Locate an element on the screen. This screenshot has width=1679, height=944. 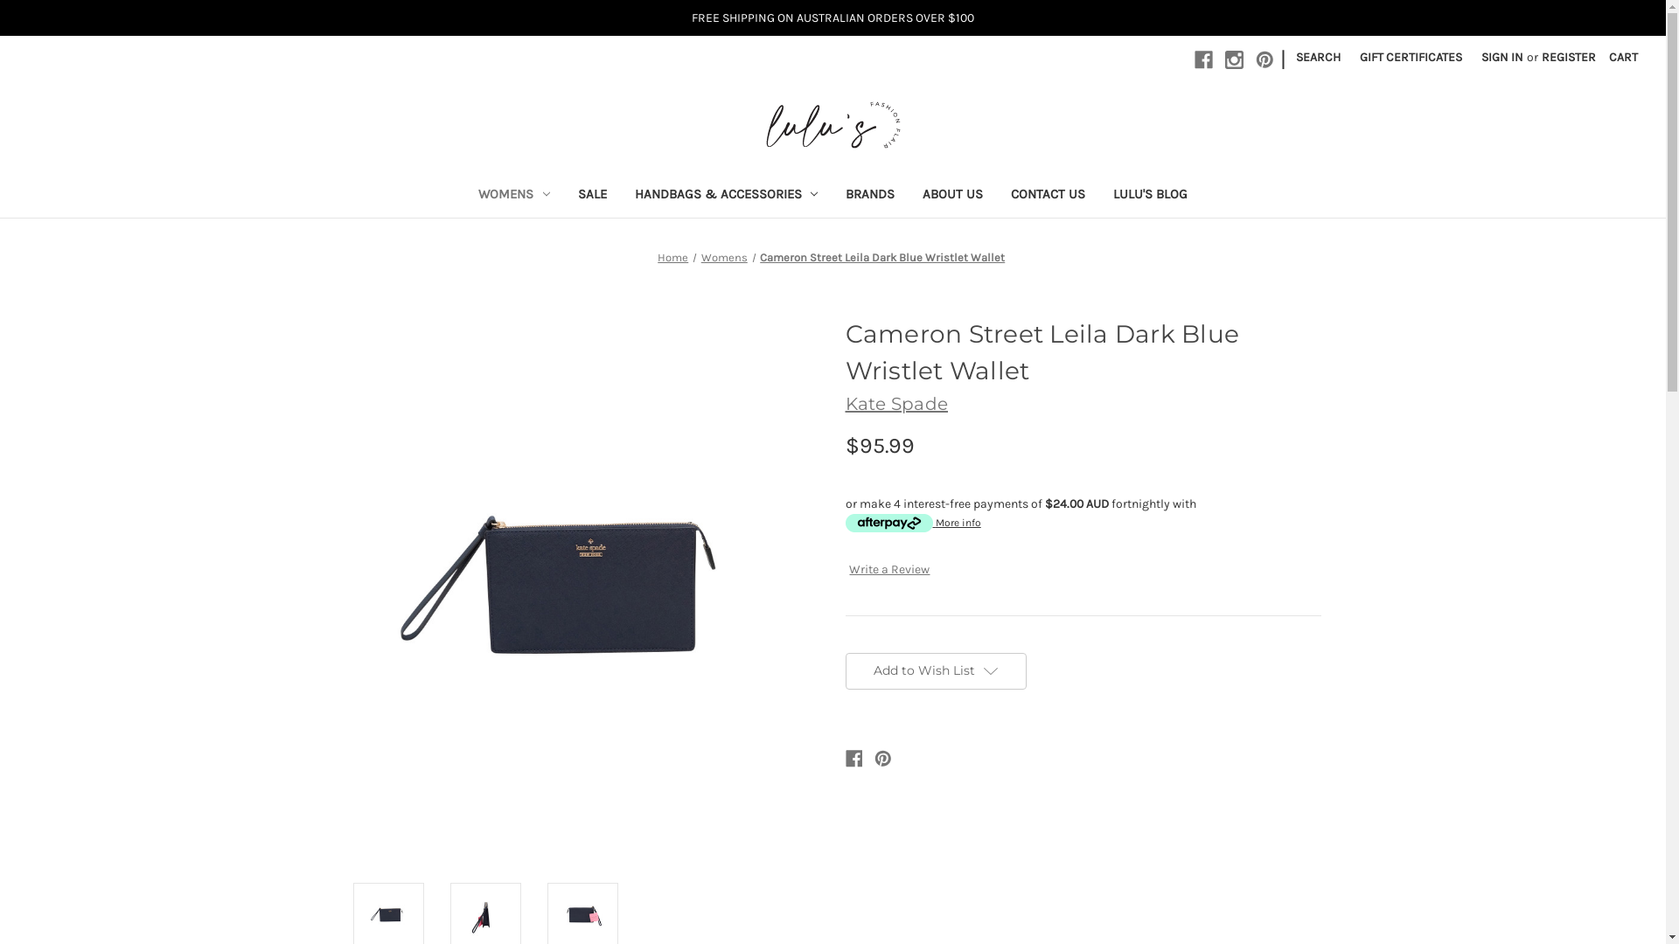
'GIFT CERTIFICATES' is located at coordinates (1411, 56).